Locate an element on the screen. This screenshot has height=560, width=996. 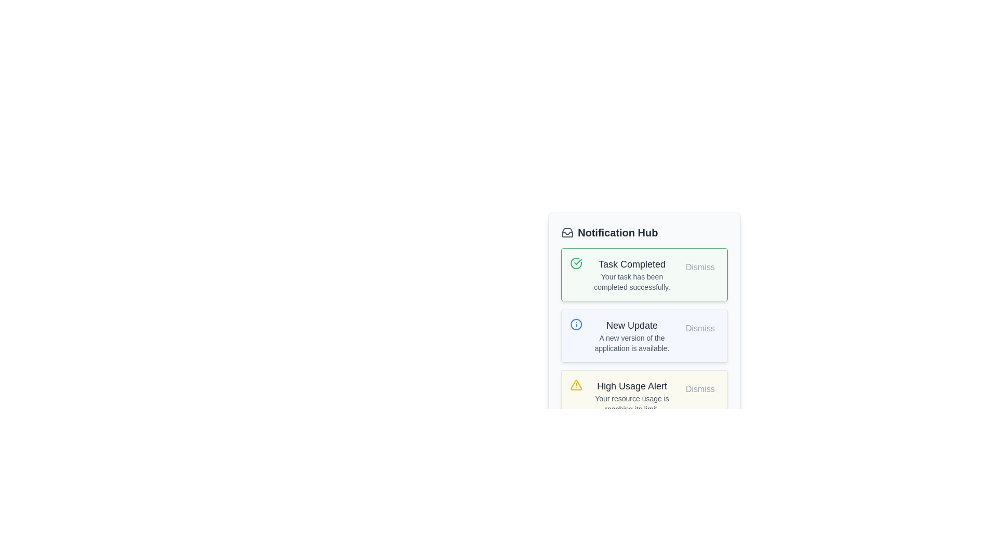
the green circular icon indicating a successful action, located on the left side of the 'Task Completed' notification is located at coordinates (577, 261).